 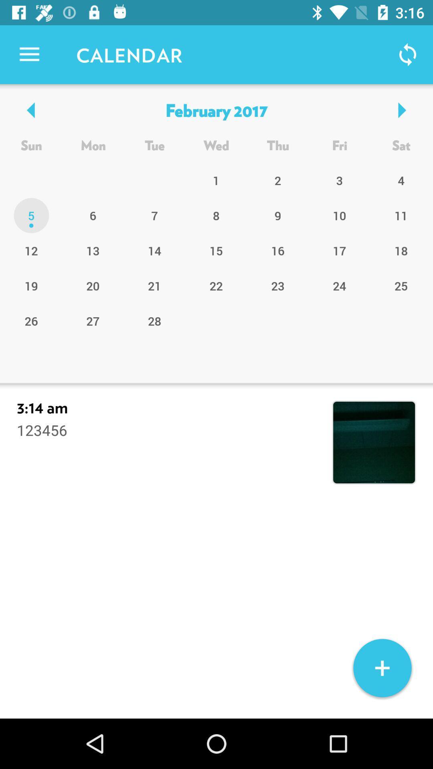 I want to click on icon to the right of the 13, so click(x=154, y=286).